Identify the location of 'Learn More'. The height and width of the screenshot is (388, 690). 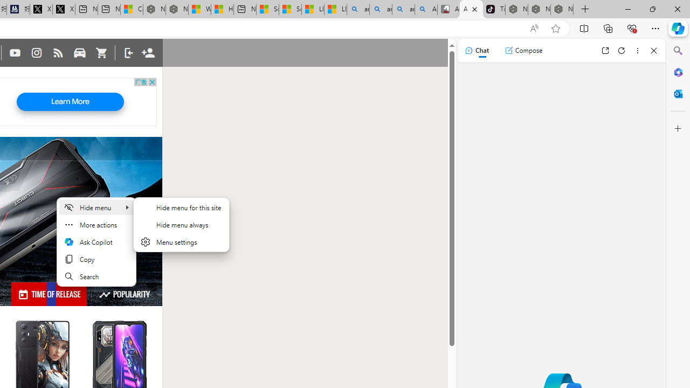
(69, 102).